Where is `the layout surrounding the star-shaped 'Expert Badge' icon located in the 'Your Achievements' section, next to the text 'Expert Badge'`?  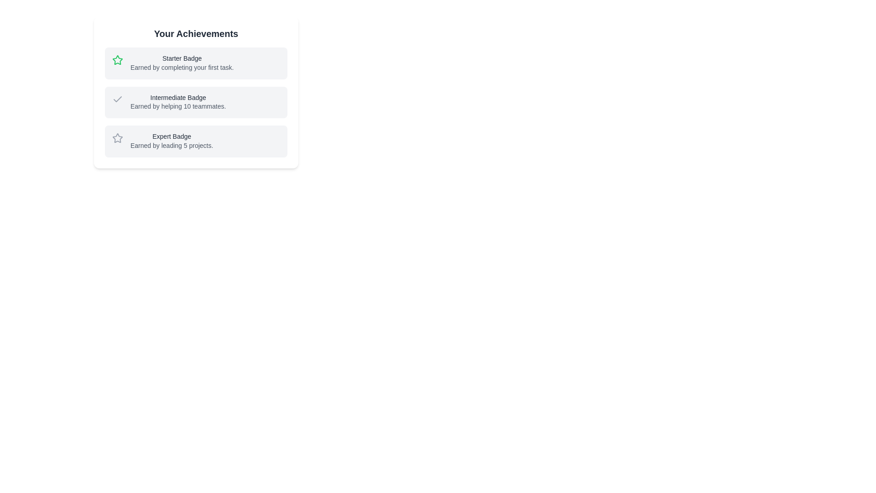 the layout surrounding the star-shaped 'Expert Badge' icon located in the 'Your Achievements' section, next to the text 'Expert Badge' is located at coordinates (117, 138).